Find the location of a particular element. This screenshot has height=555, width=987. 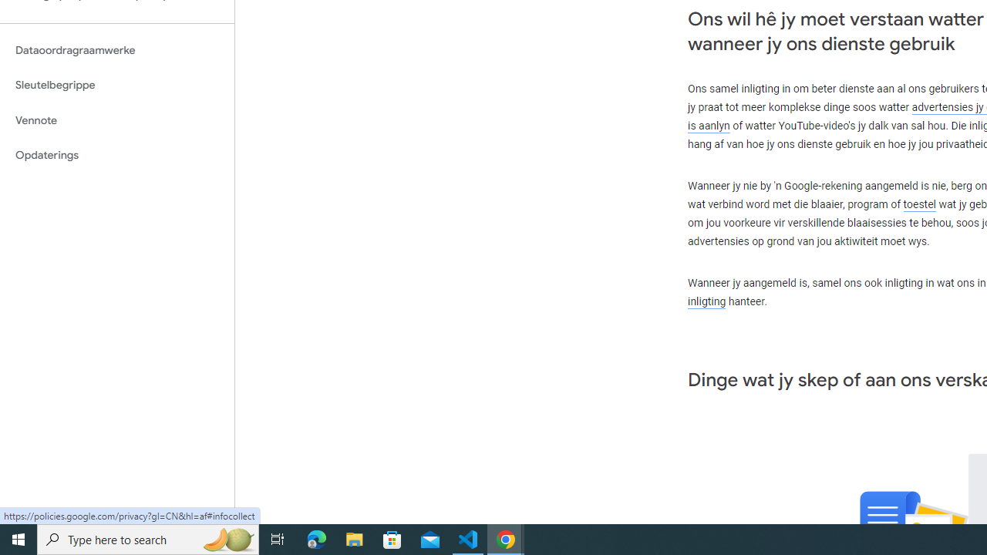

'Sleutelbegrippe' is located at coordinates (116, 85).